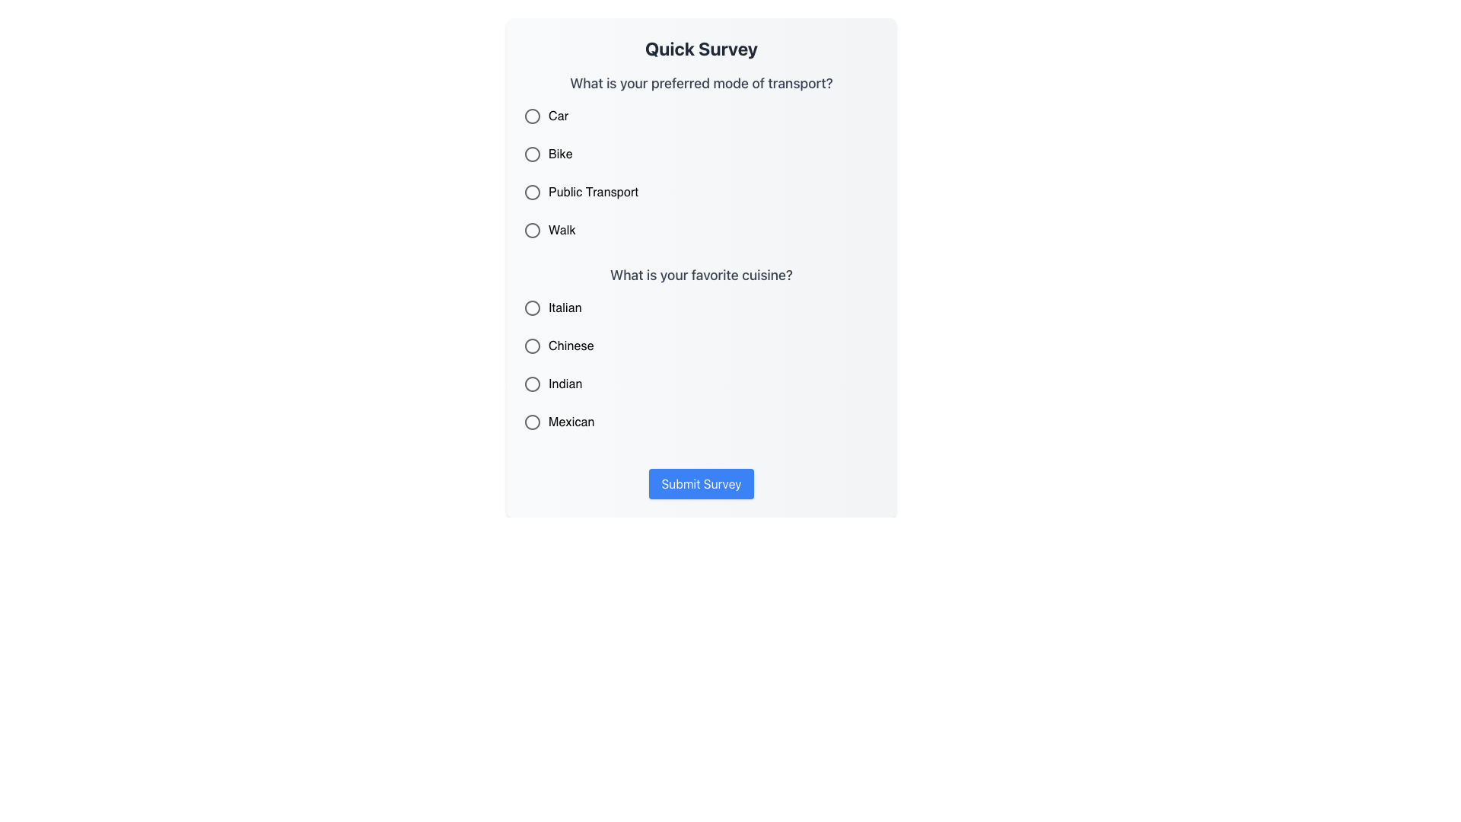 The width and height of the screenshot is (1461, 822). What do you see at coordinates (690, 192) in the screenshot?
I see `the radio button labeled 'Public Transport'` at bounding box center [690, 192].